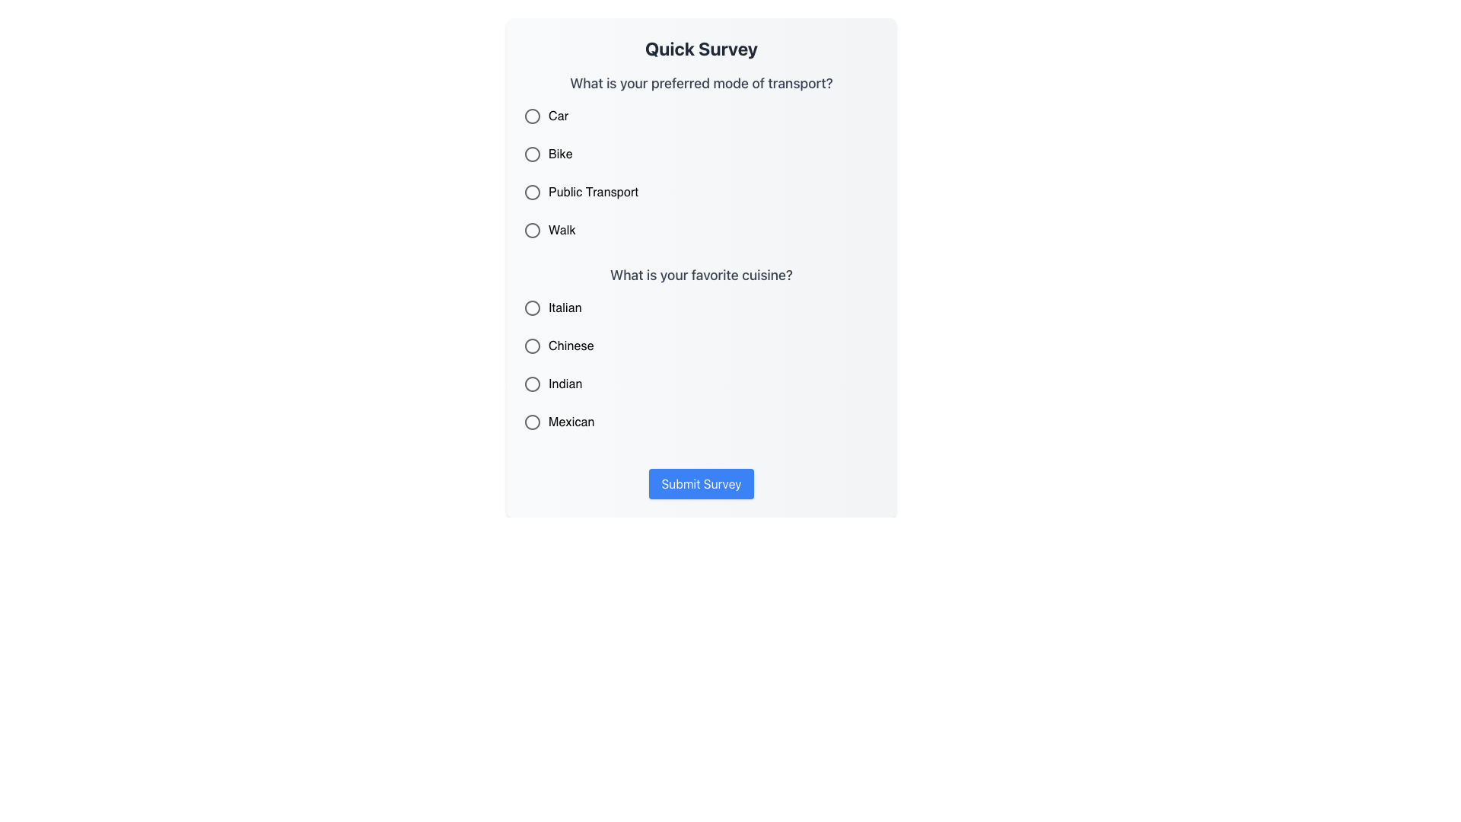 The width and height of the screenshot is (1461, 822). What do you see at coordinates (690, 192) in the screenshot?
I see `the radio button labeled 'Public Transport'` at bounding box center [690, 192].